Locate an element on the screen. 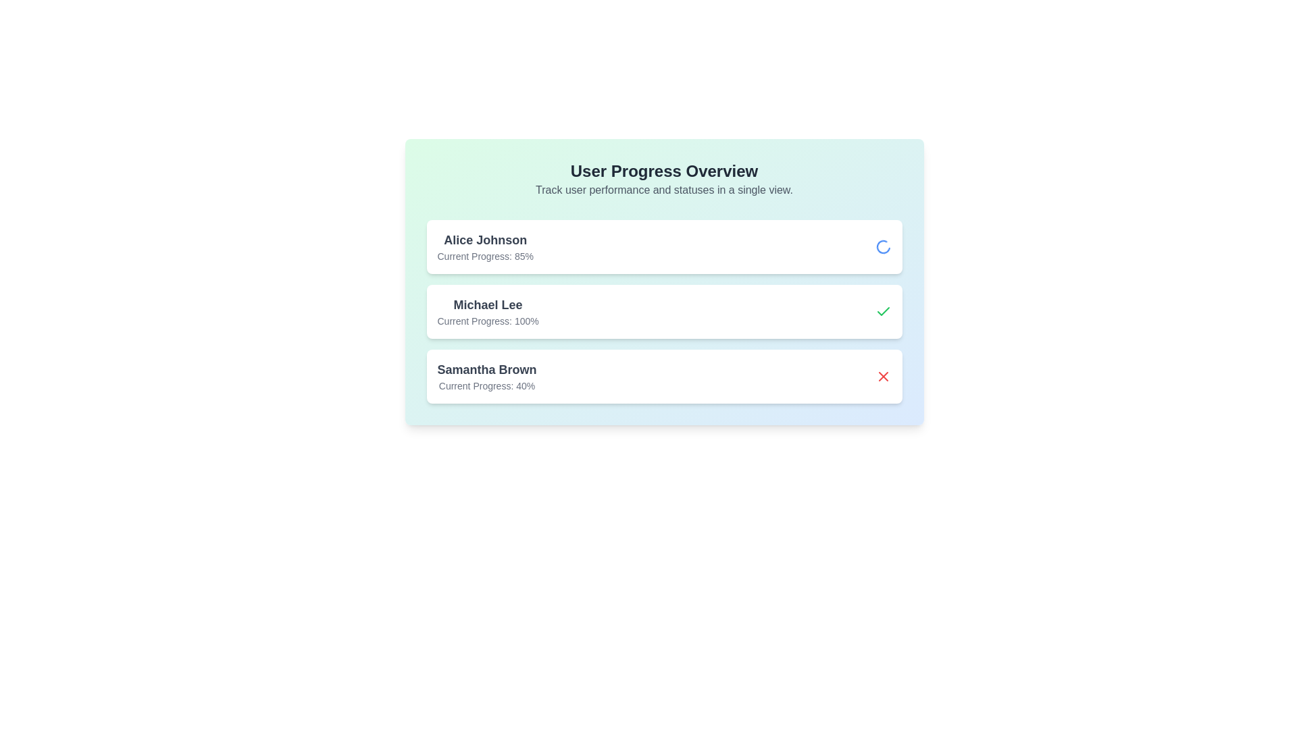 The image size is (1297, 729). descriptive subheading for the page or section located immediately below the title 'User Progress Overview' is located at coordinates (664, 190).